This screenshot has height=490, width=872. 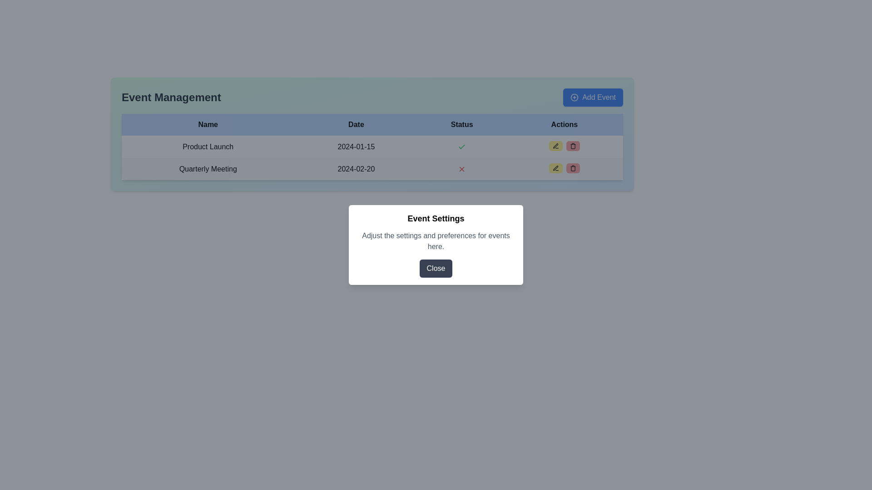 What do you see at coordinates (462, 169) in the screenshot?
I see `the red 'X' icon in the 'Status' column of the second row under 'Event Management', which indicates a negative status` at bounding box center [462, 169].